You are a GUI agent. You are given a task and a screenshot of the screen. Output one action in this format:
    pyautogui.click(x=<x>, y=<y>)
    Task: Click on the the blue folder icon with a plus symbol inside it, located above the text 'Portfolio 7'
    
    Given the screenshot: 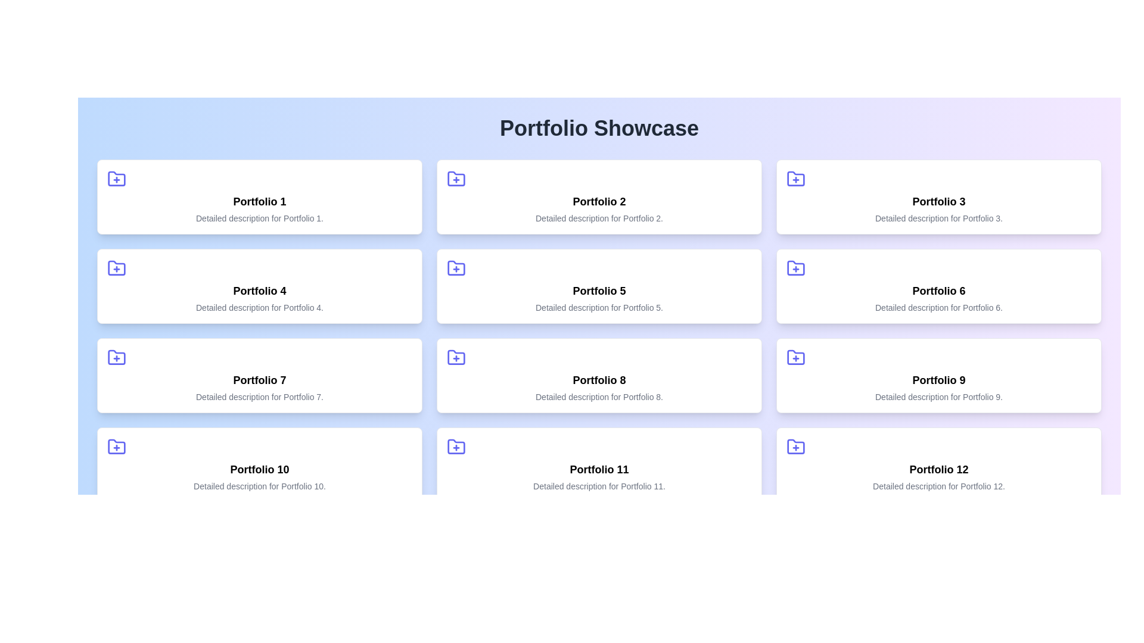 What is the action you would take?
    pyautogui.click(x=117, y=357)
    